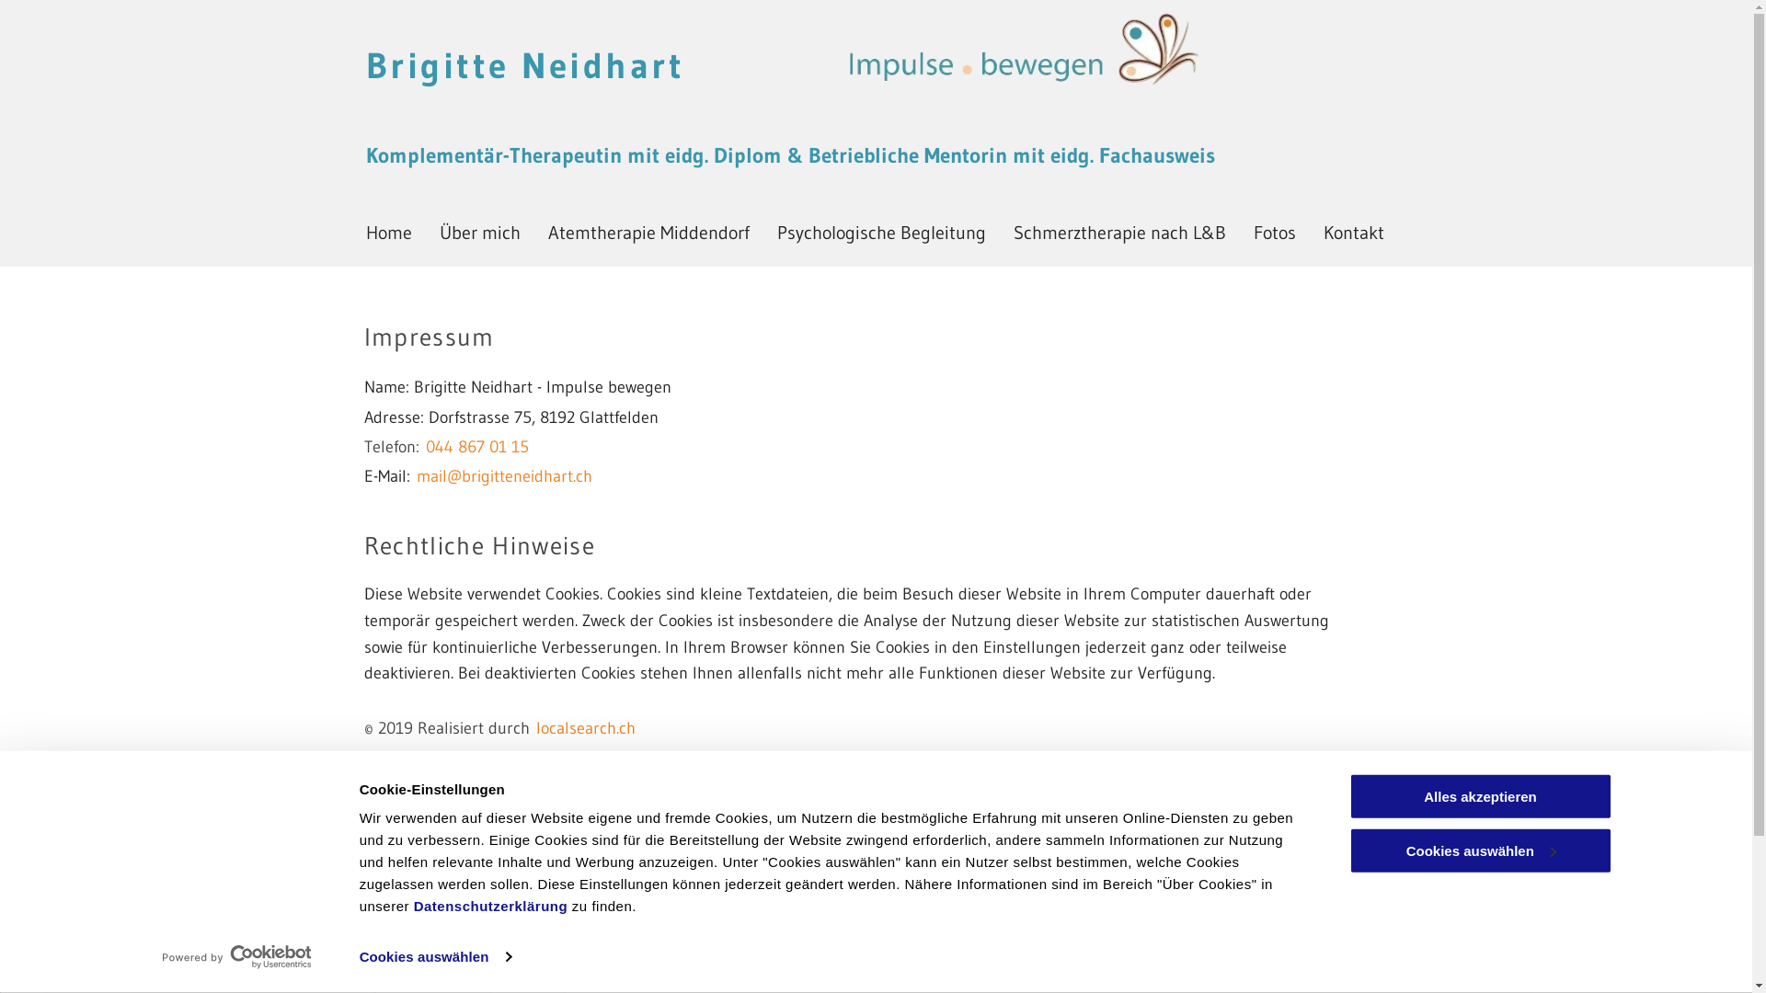 The width and height of the screenshot is (1766, 993). Describe the element at coordinates (1273, 232) in the screenshot. I see `'Fotos'` at that location.